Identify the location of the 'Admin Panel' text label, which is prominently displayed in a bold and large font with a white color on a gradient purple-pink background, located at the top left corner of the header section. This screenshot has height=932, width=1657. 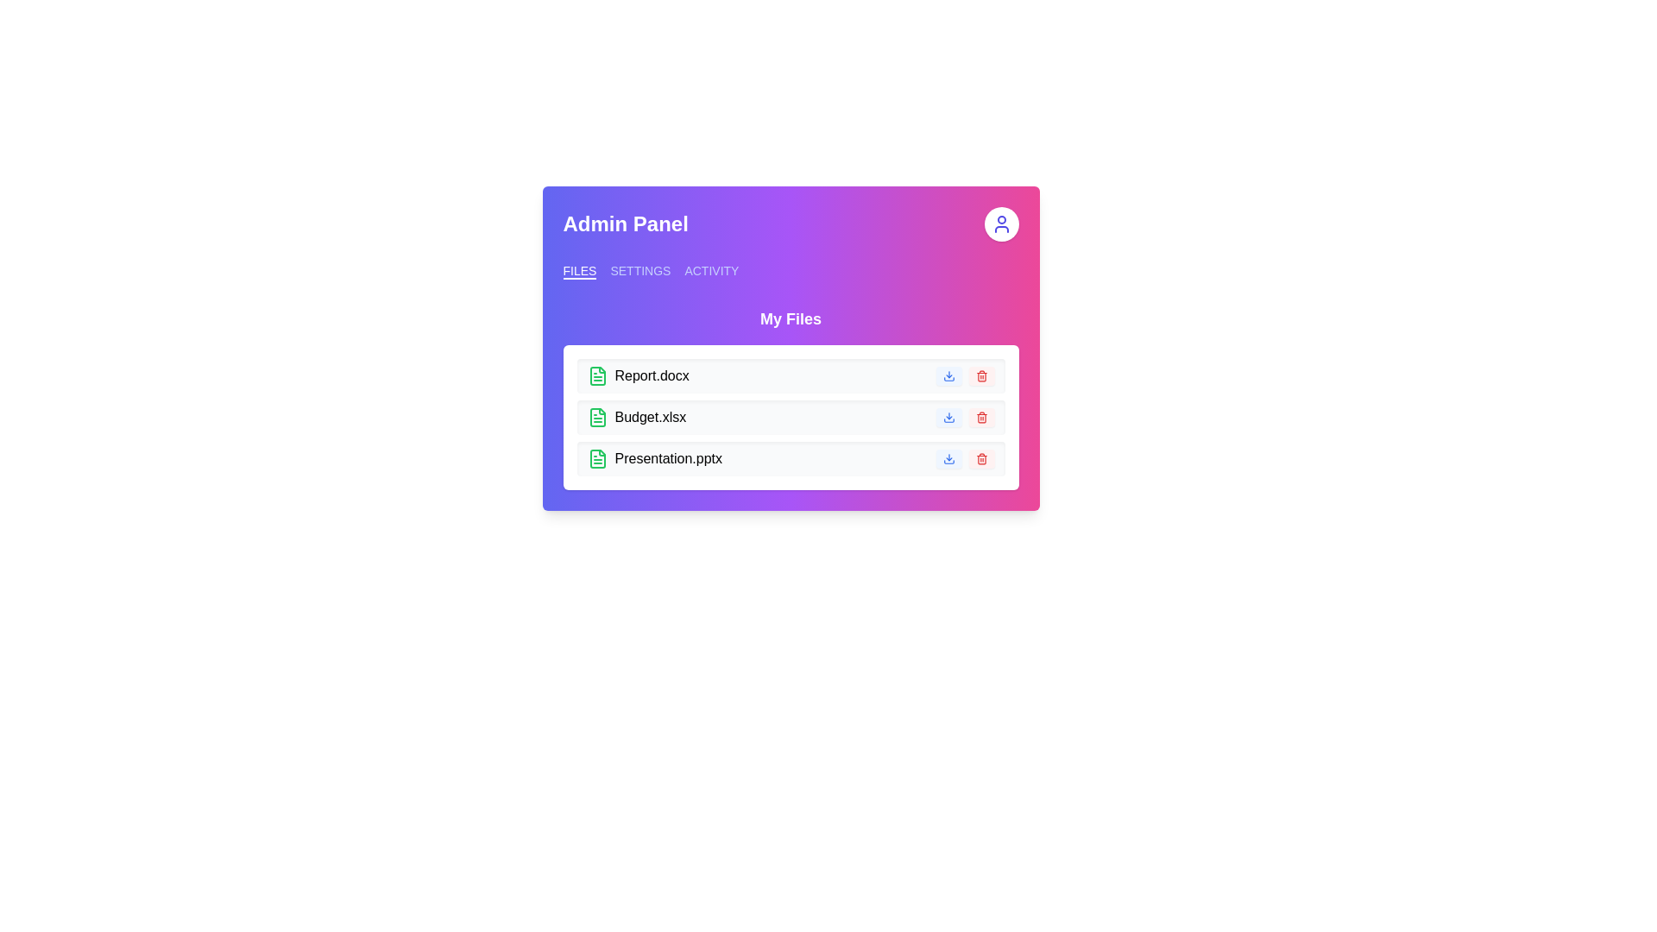
(625, 223).